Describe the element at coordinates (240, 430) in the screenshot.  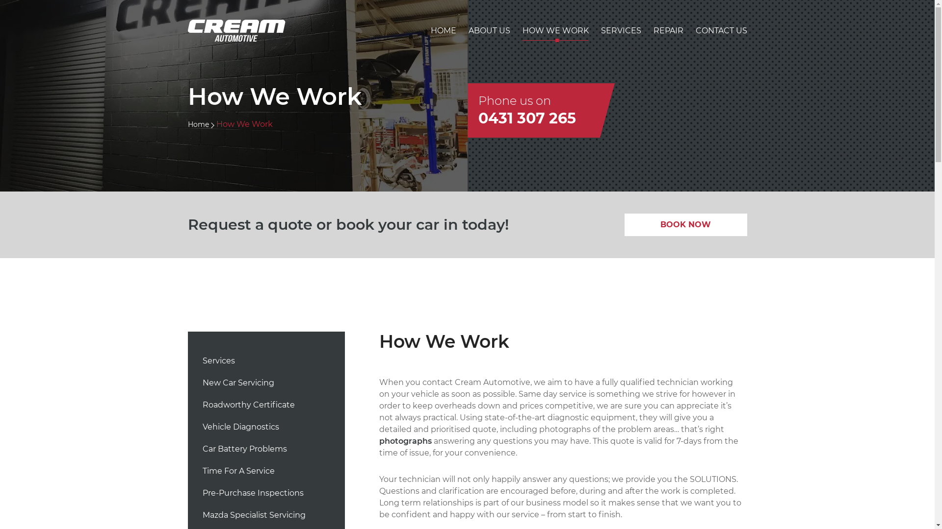
I see `'Vehicle Diagnostics'` at that location.